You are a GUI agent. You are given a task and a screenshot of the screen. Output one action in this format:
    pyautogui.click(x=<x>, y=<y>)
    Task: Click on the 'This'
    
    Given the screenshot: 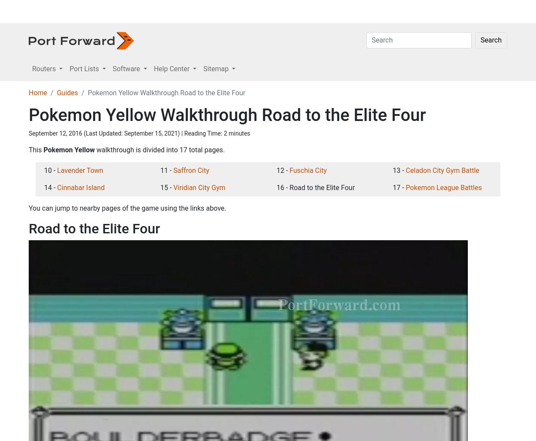 What is the action you would take?
    pyautogui.click(x=28, y=329)
    